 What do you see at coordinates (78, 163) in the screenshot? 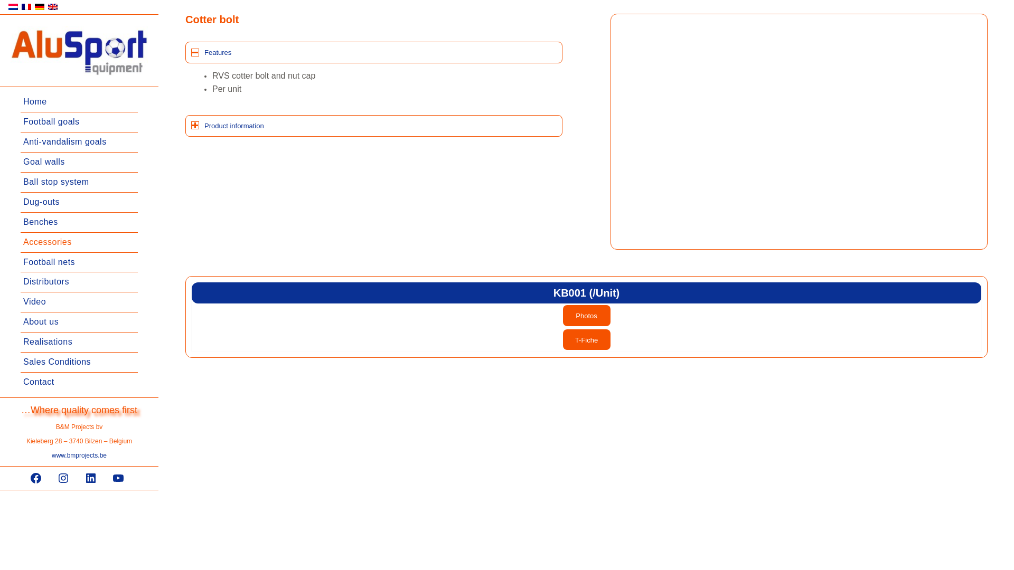
I see `'Goal walls'` at bounding box center [78, 163].